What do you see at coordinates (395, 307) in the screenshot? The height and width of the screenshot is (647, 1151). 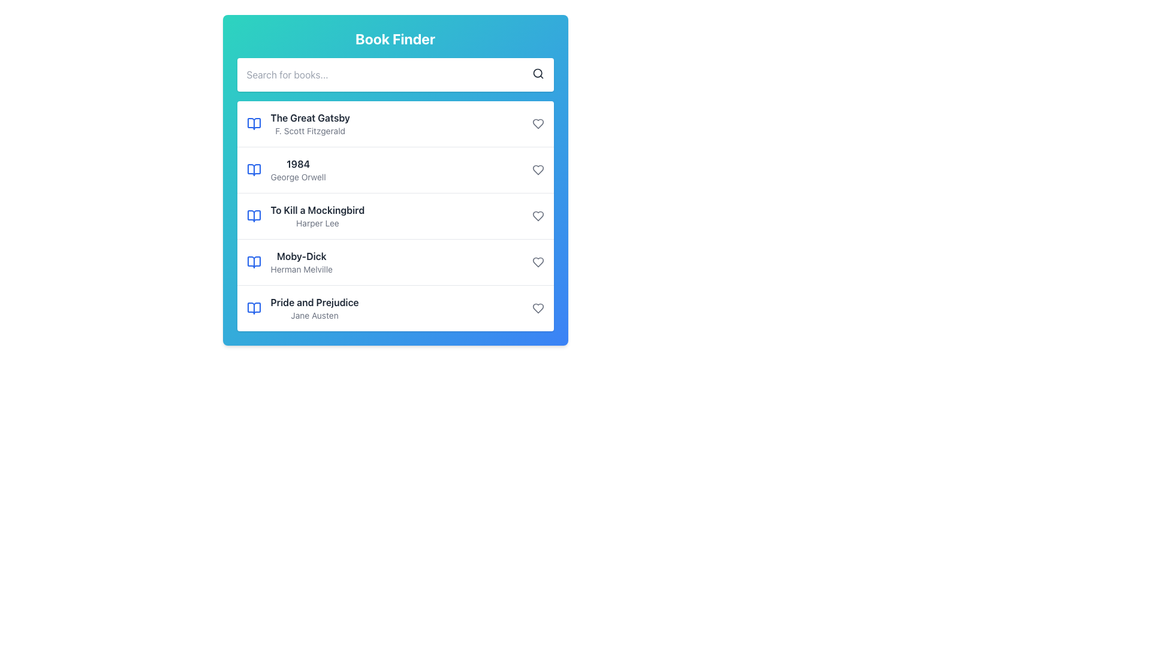 I see `the fifth book entry in the list` at bounding box center [395, 307].